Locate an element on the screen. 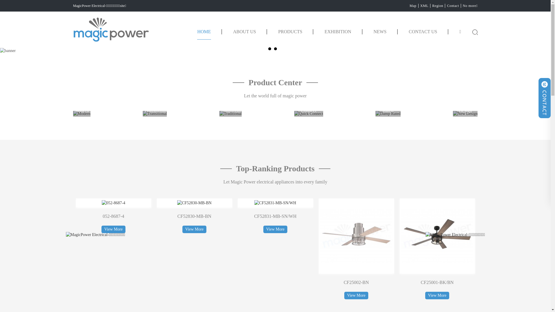  'Transitional' is located at coordinates (155, 114).